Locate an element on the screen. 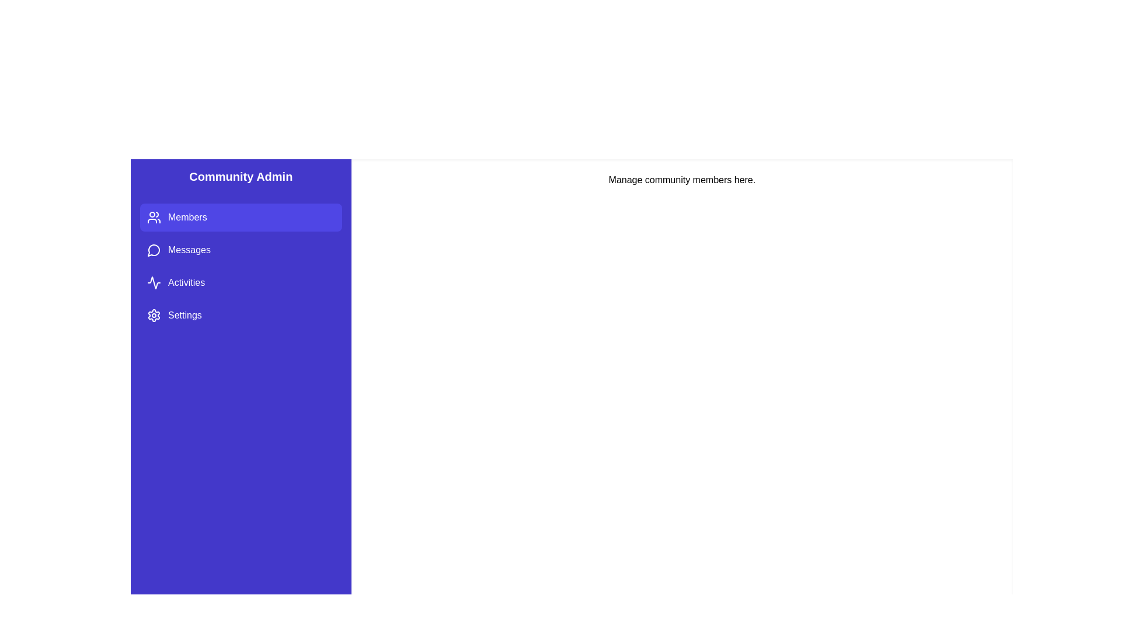 The width and height of the screenshot is (1121, 630). the 'Activities' button located is located at coordinates (240, 283).